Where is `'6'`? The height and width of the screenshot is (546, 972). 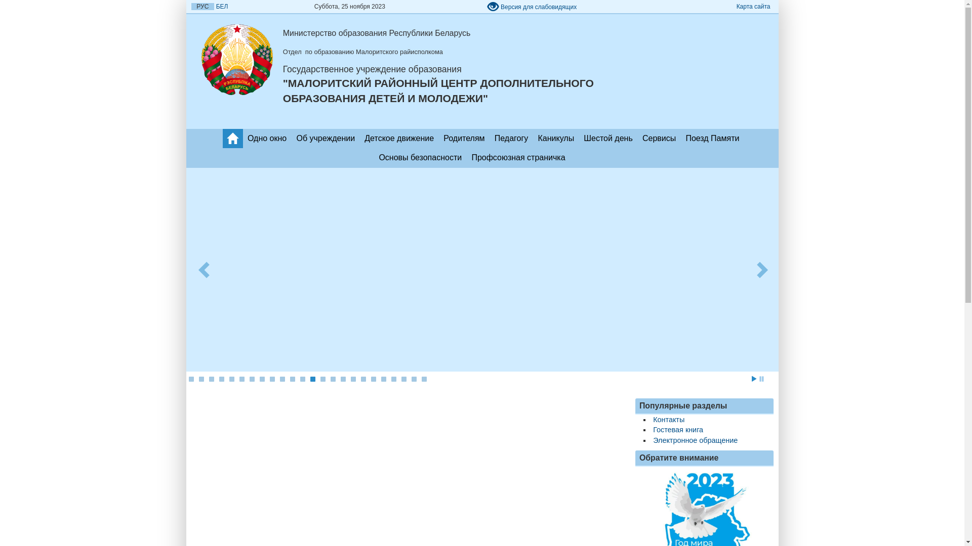
'6' is located at coordinates (240, 379).